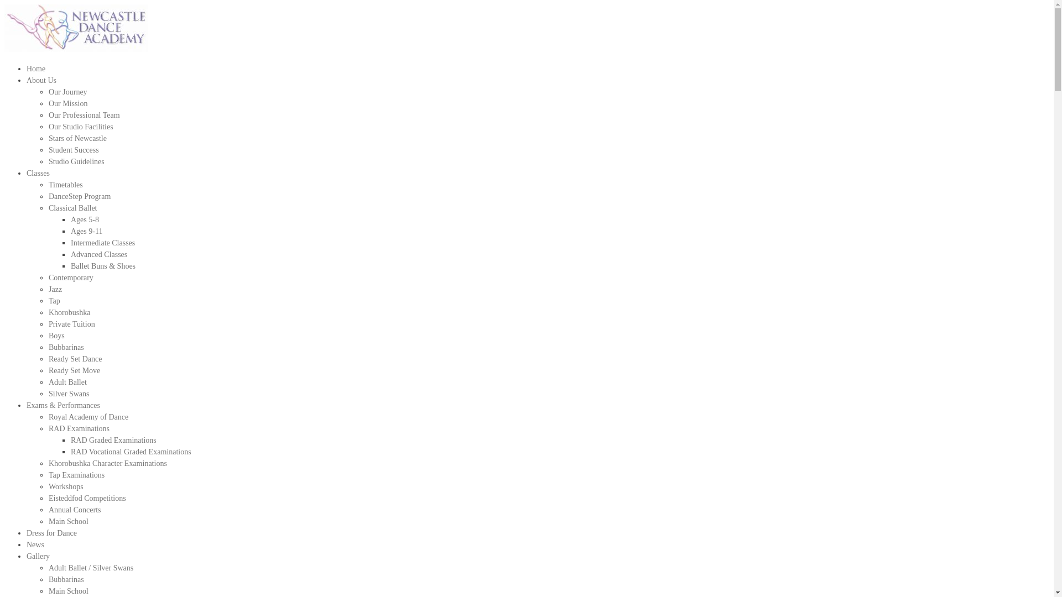  Describe the element at coordinates (38, 173) in the screenshot. I see `'Classes'` at that location.